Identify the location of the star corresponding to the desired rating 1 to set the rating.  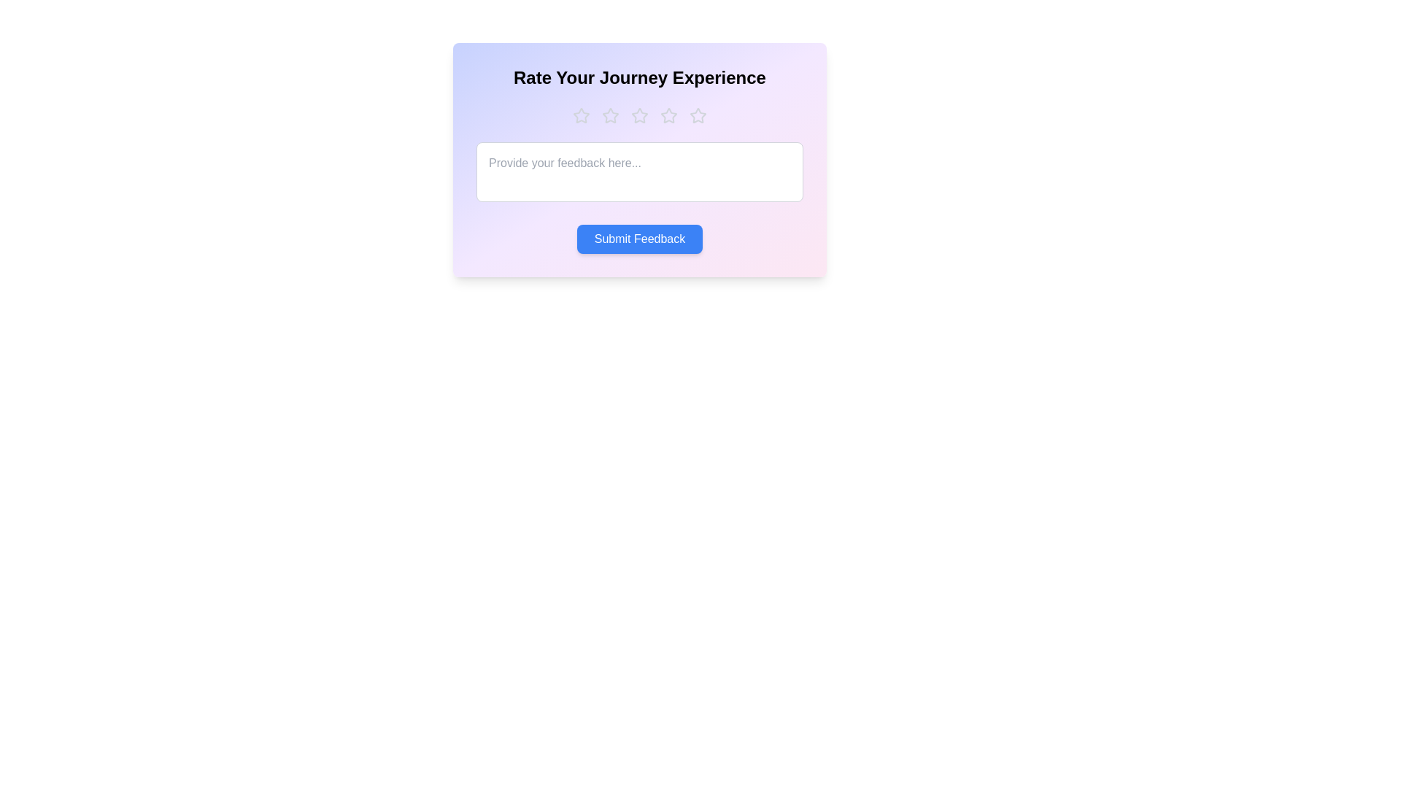
(580, 115).